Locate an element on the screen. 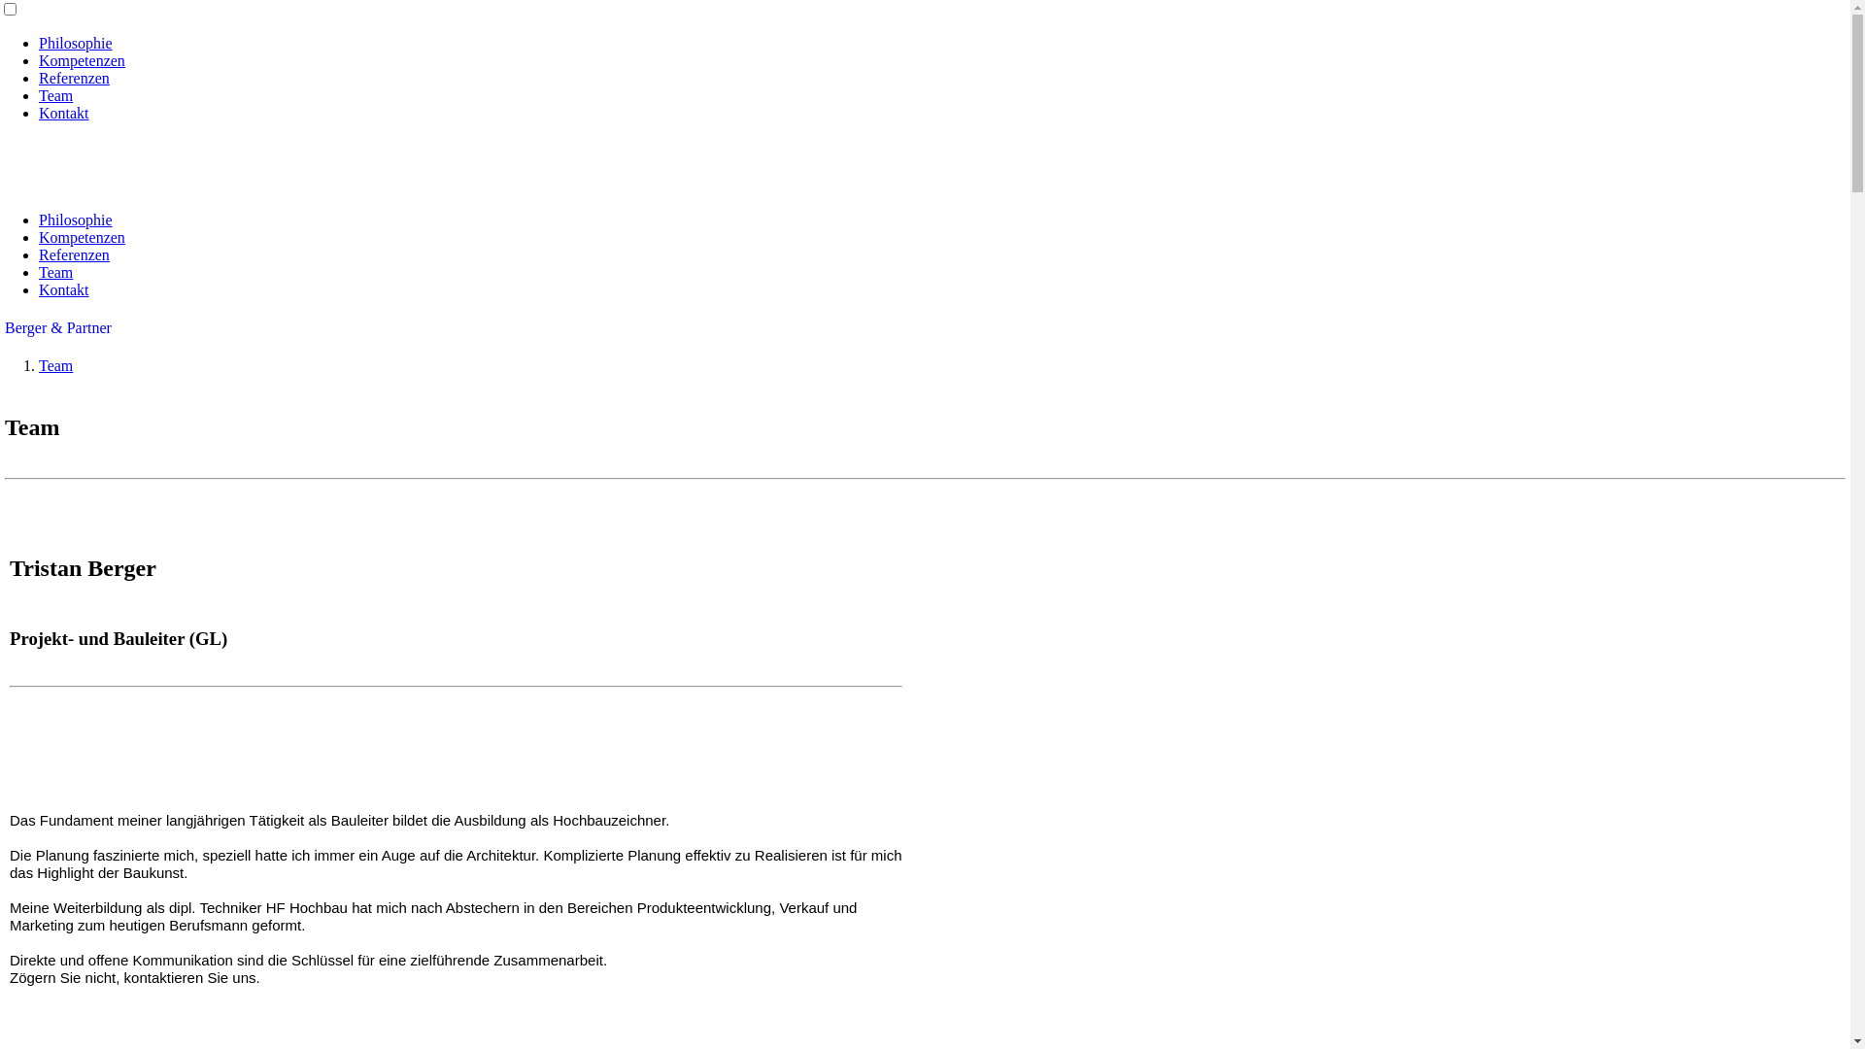 The image size is (1865, 1049). 'Team' is located at coordinates (55, 272).